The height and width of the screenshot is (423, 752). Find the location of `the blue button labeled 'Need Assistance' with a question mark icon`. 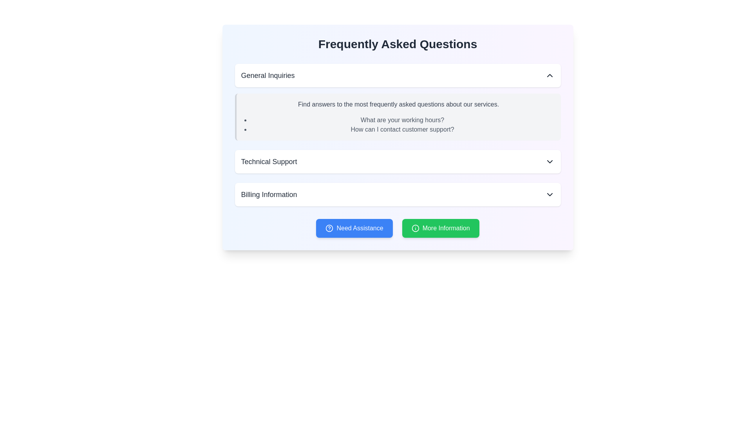

the blue button labeled 'Need Assistance' with a question mark icon is located at coordinates (354, 228).